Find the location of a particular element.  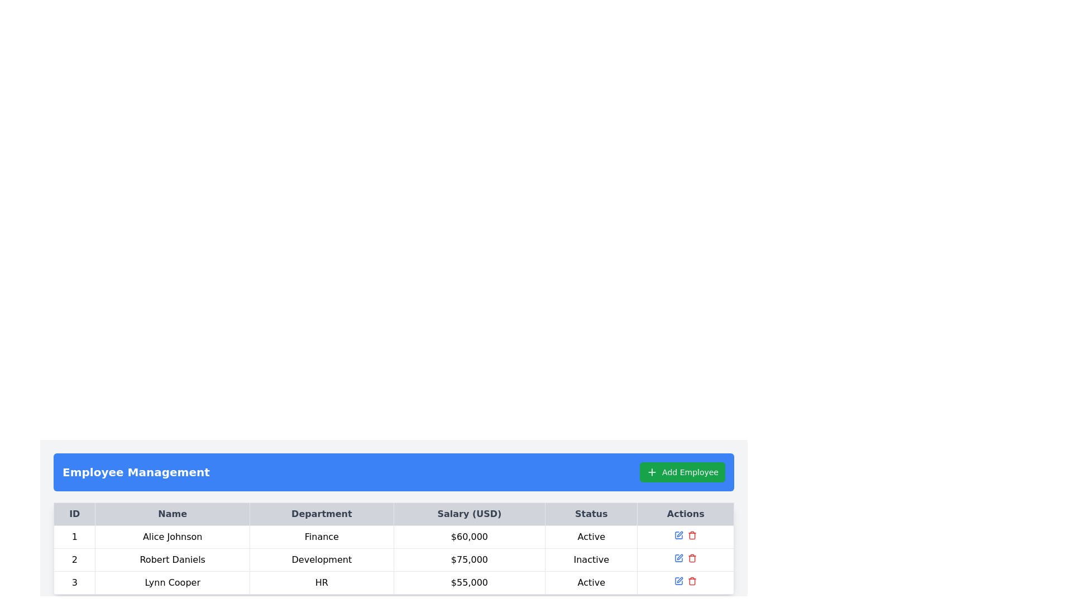

the table header cell that labels the content for the 'Status' column, located between 'Salary (USD)' and 'Actions' is located at coordinates (591, 514).